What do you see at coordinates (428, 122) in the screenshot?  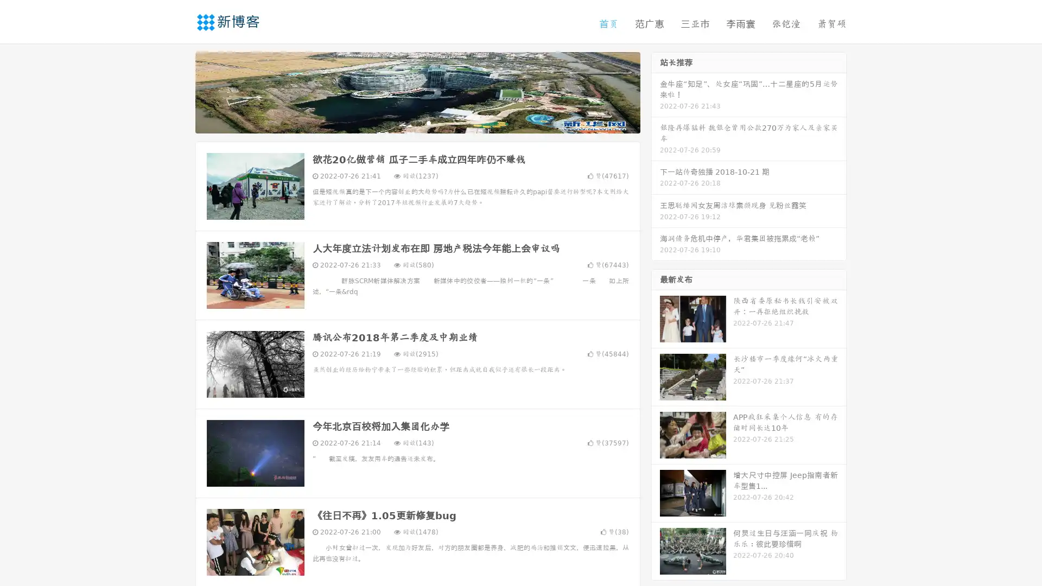 I see `Go to slide 3` at bounding box center [428, 122].